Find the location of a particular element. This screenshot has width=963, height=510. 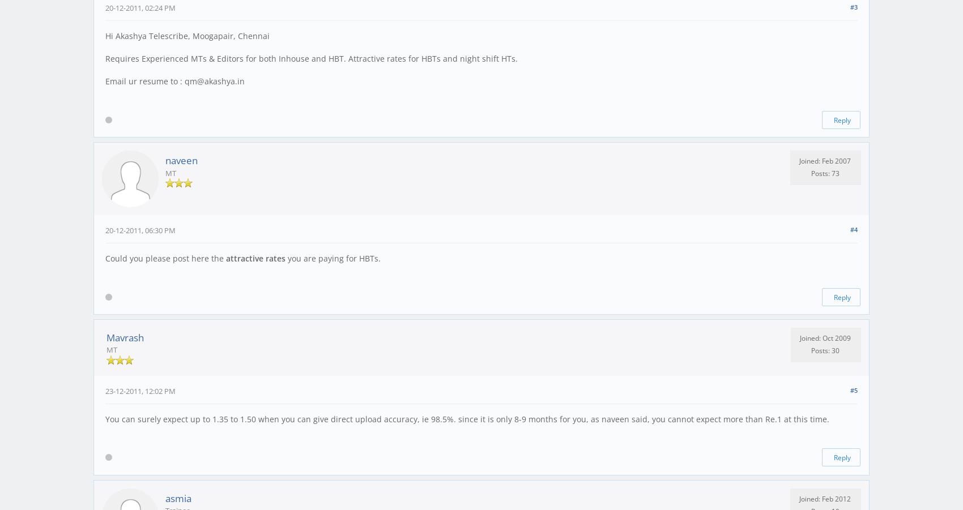

'23-12-2011, 12:02 PM' is located at coordinates (140, 391).